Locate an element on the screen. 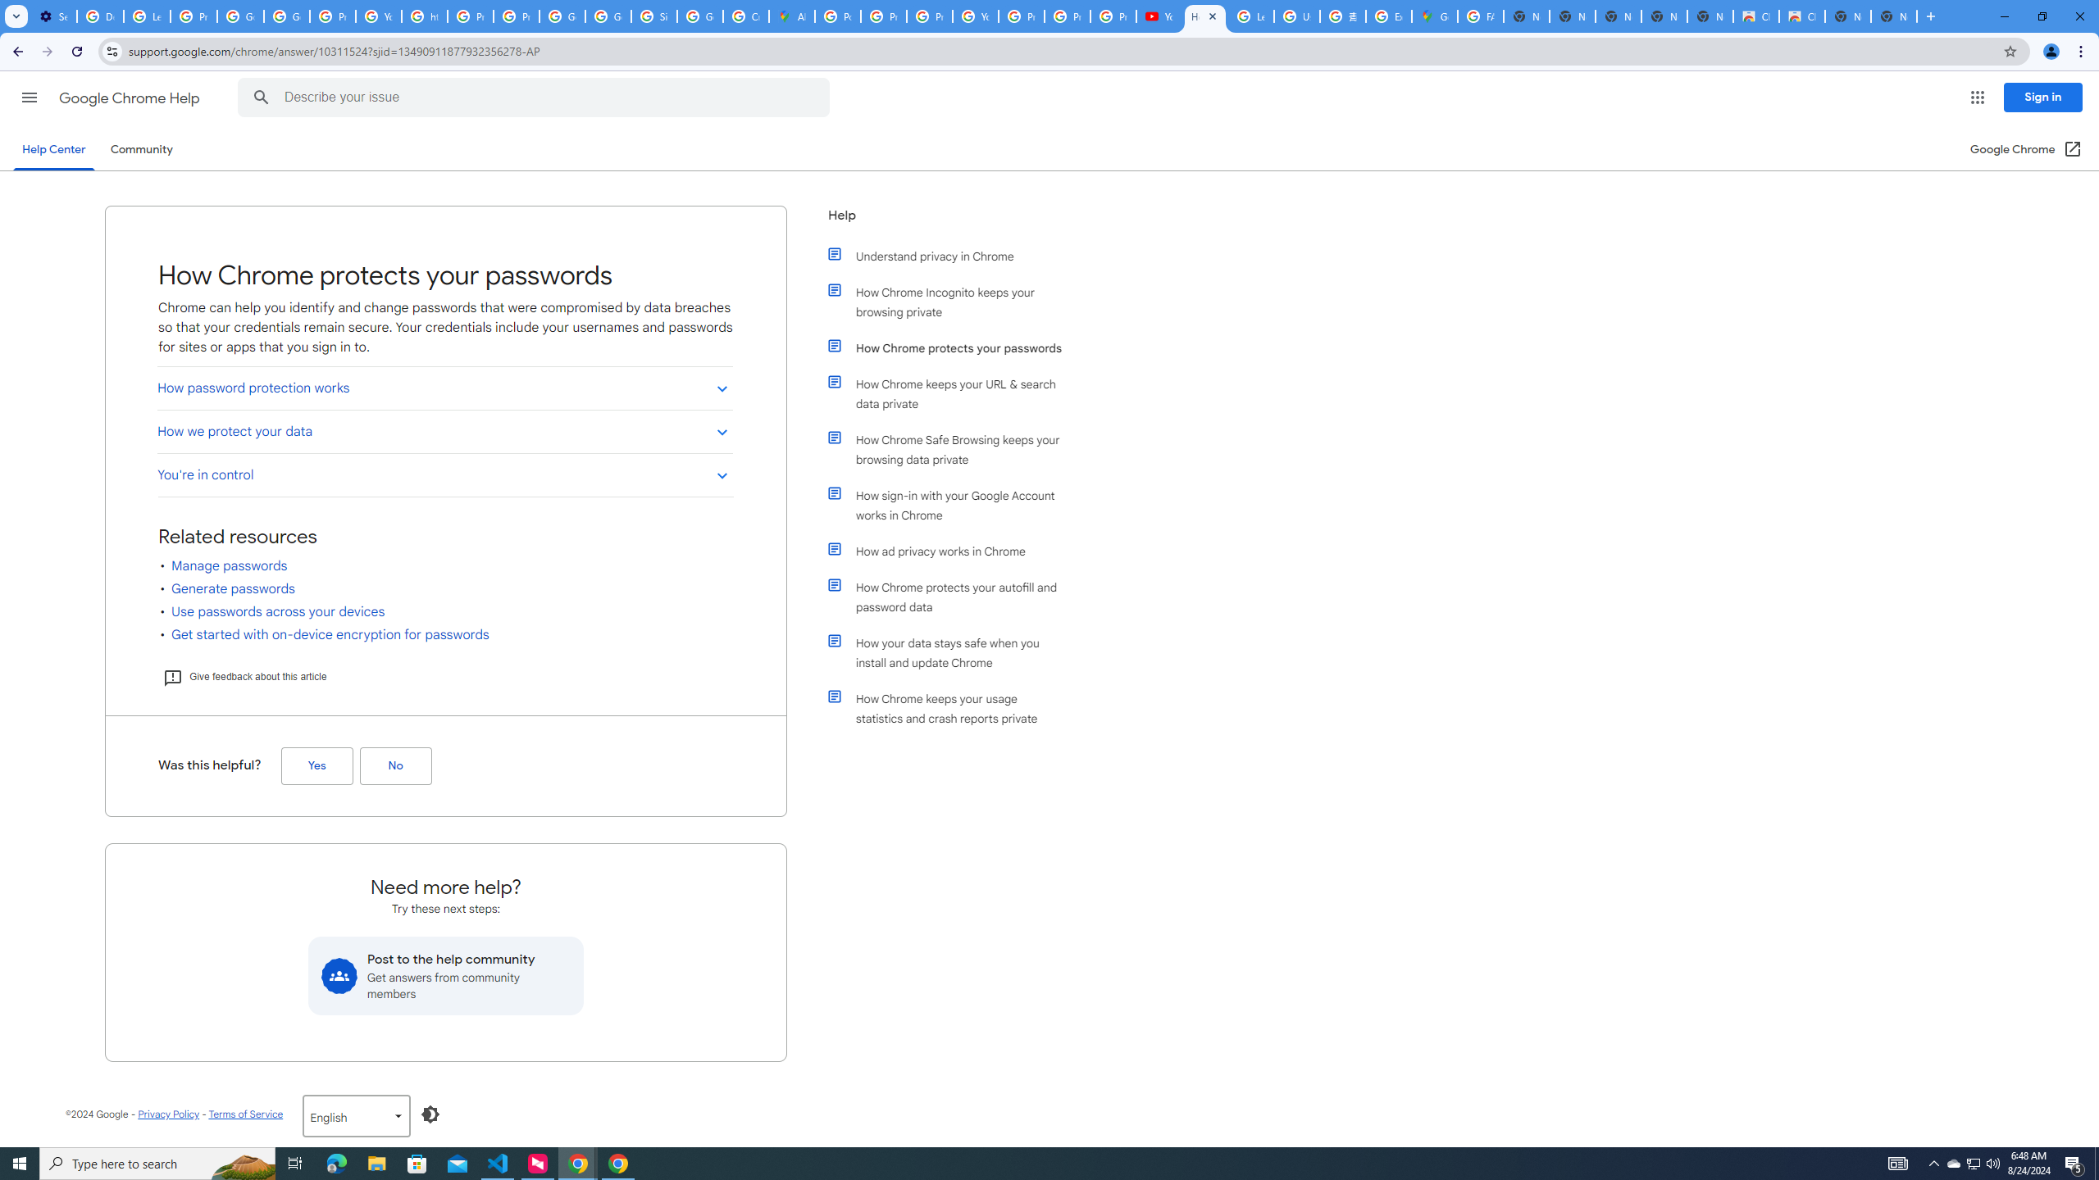 The image size is (2099, 1180). 'How Chrome Incognito keeps your browsing private' is located at coordinates (953, 302).